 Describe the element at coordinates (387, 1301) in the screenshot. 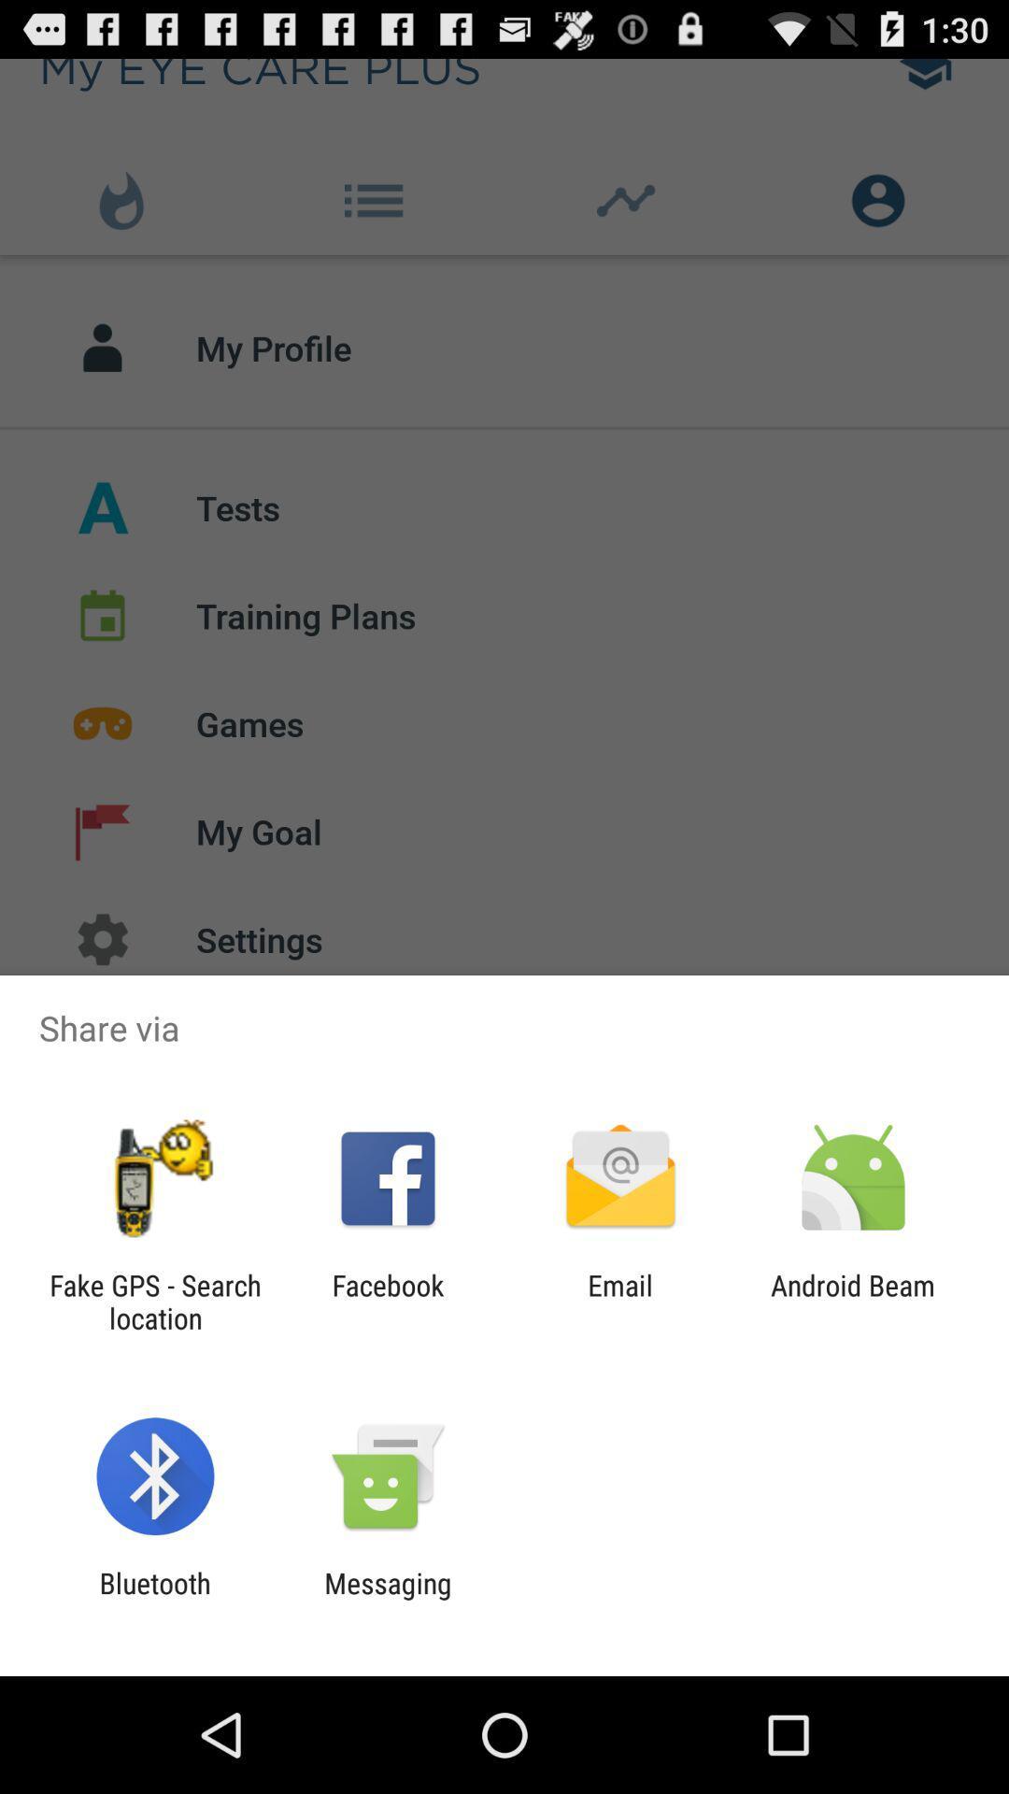

I see `app next to the fake gps search icon` at that location.